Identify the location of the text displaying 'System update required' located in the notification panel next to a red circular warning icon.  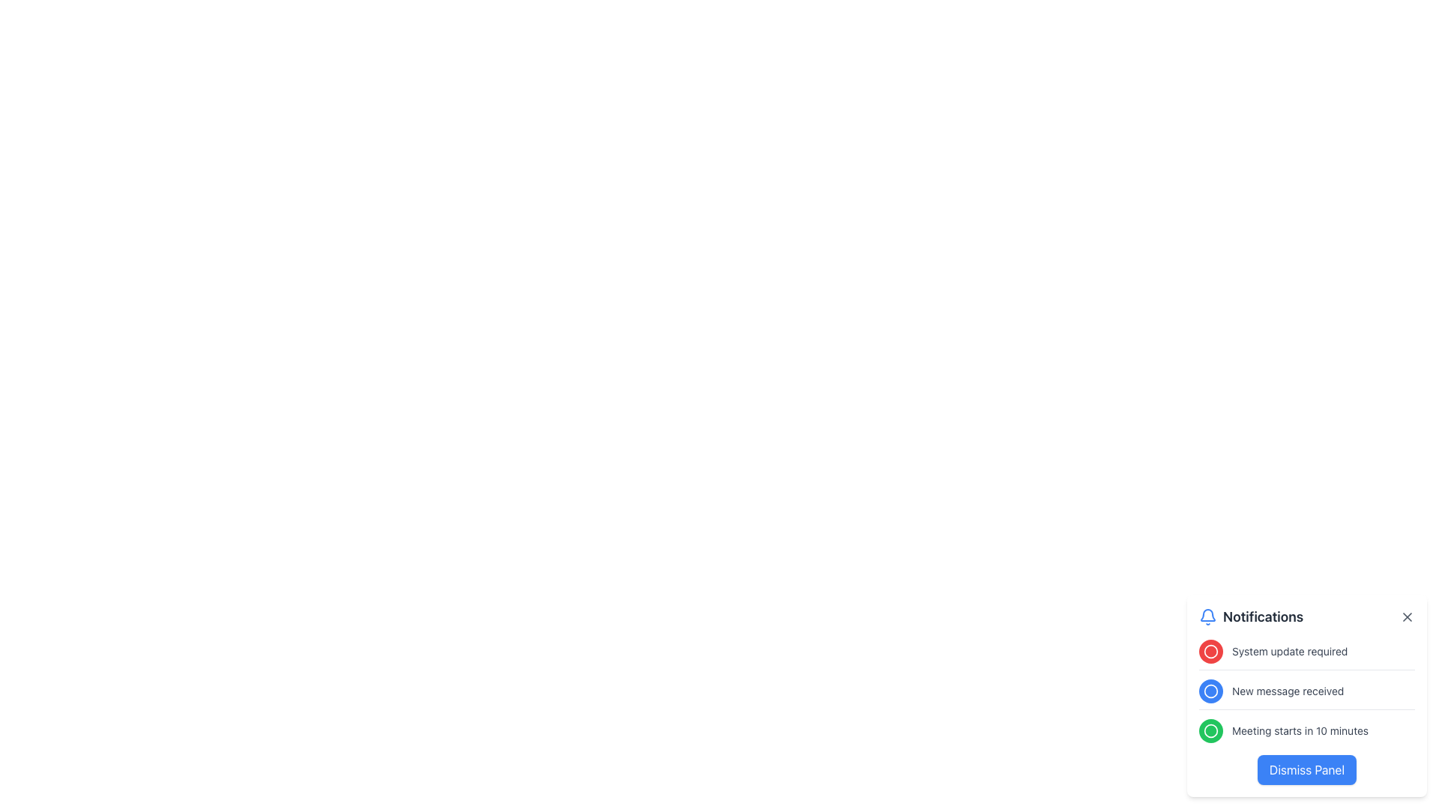
(1289, 651).